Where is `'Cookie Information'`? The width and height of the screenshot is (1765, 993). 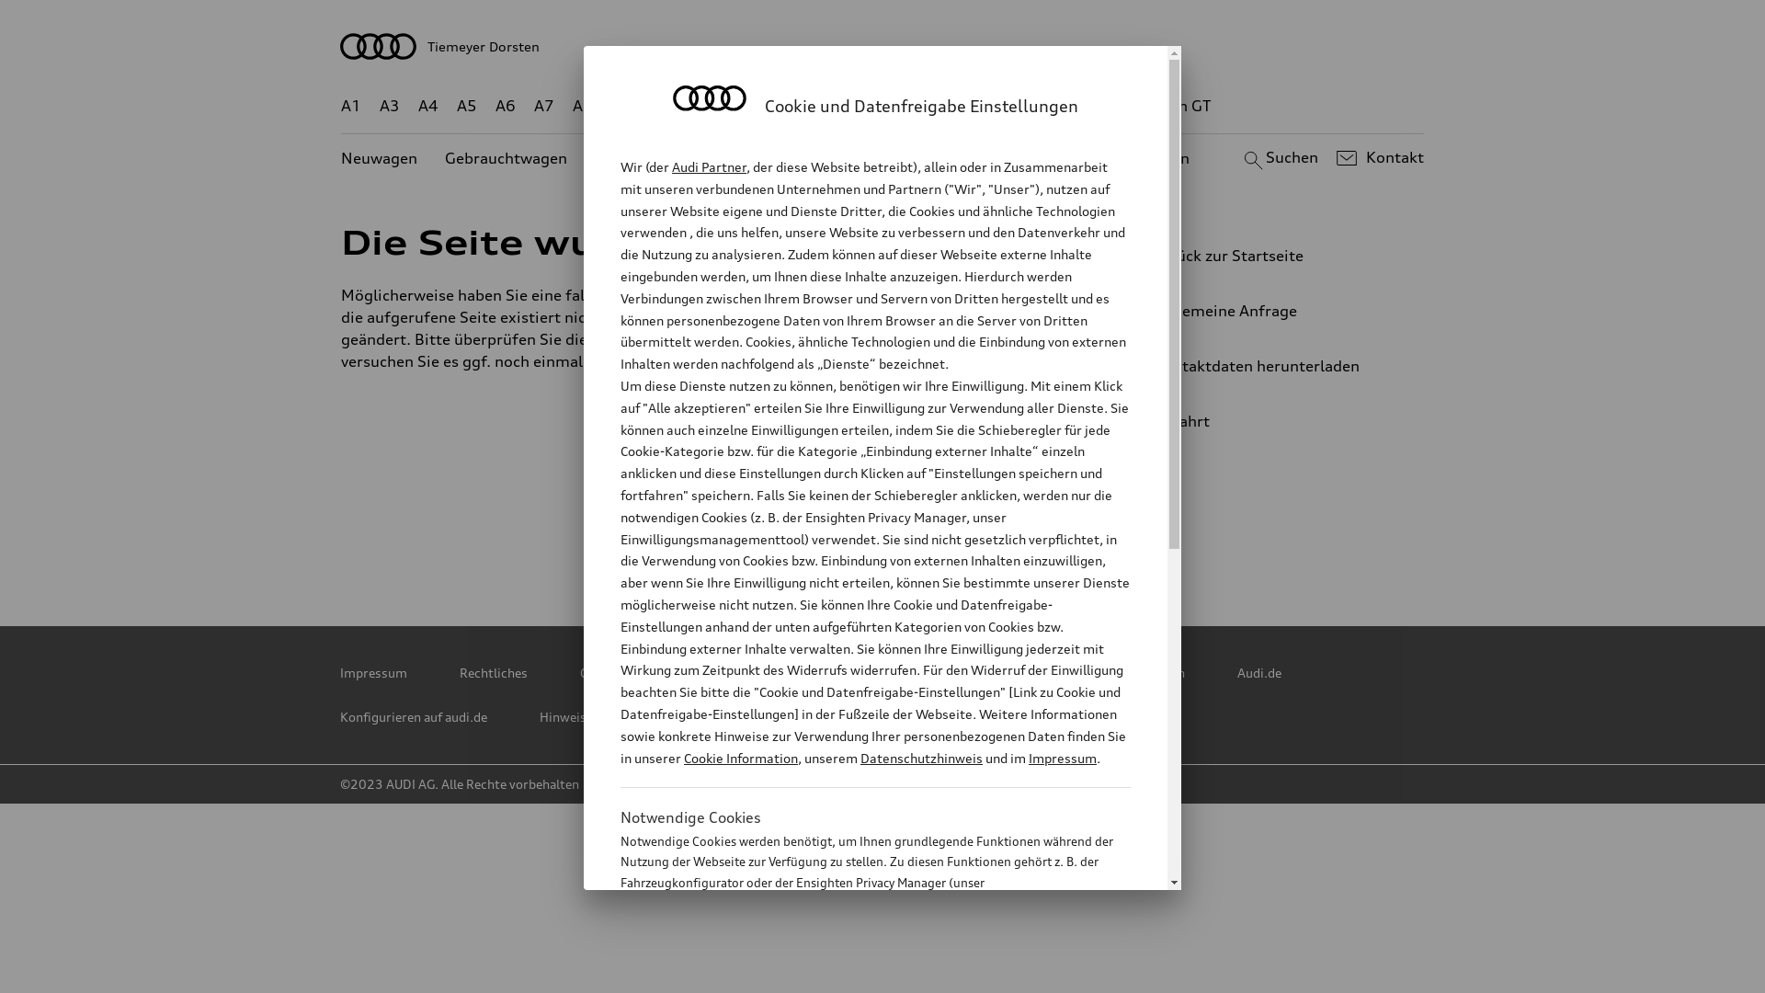 'Cookie Information' is located at coordinates (683, 758).